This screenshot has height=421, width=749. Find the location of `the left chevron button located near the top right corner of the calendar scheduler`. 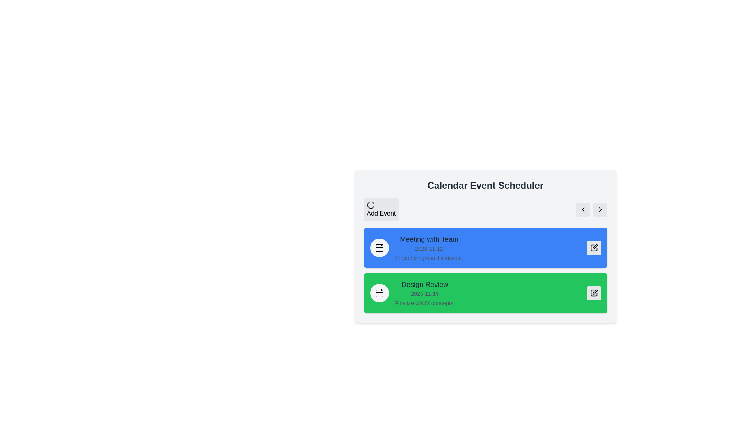

the left chevron button located near the top right corner of the calendar scheduler is located at coordinates (583, 209).